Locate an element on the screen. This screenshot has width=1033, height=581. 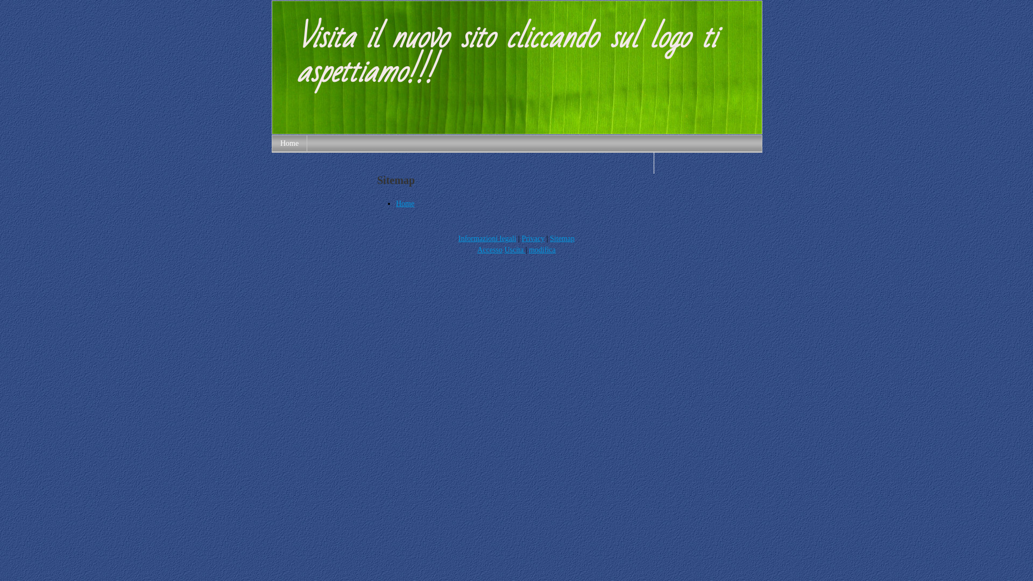
'Accesso' is located at coordinates (477, 250).